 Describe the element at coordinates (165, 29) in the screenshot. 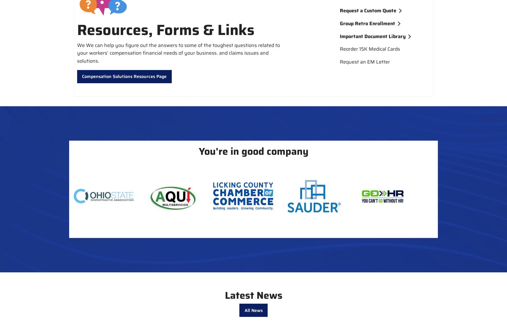

I see `'Resources, Forms & Links'` at that location.